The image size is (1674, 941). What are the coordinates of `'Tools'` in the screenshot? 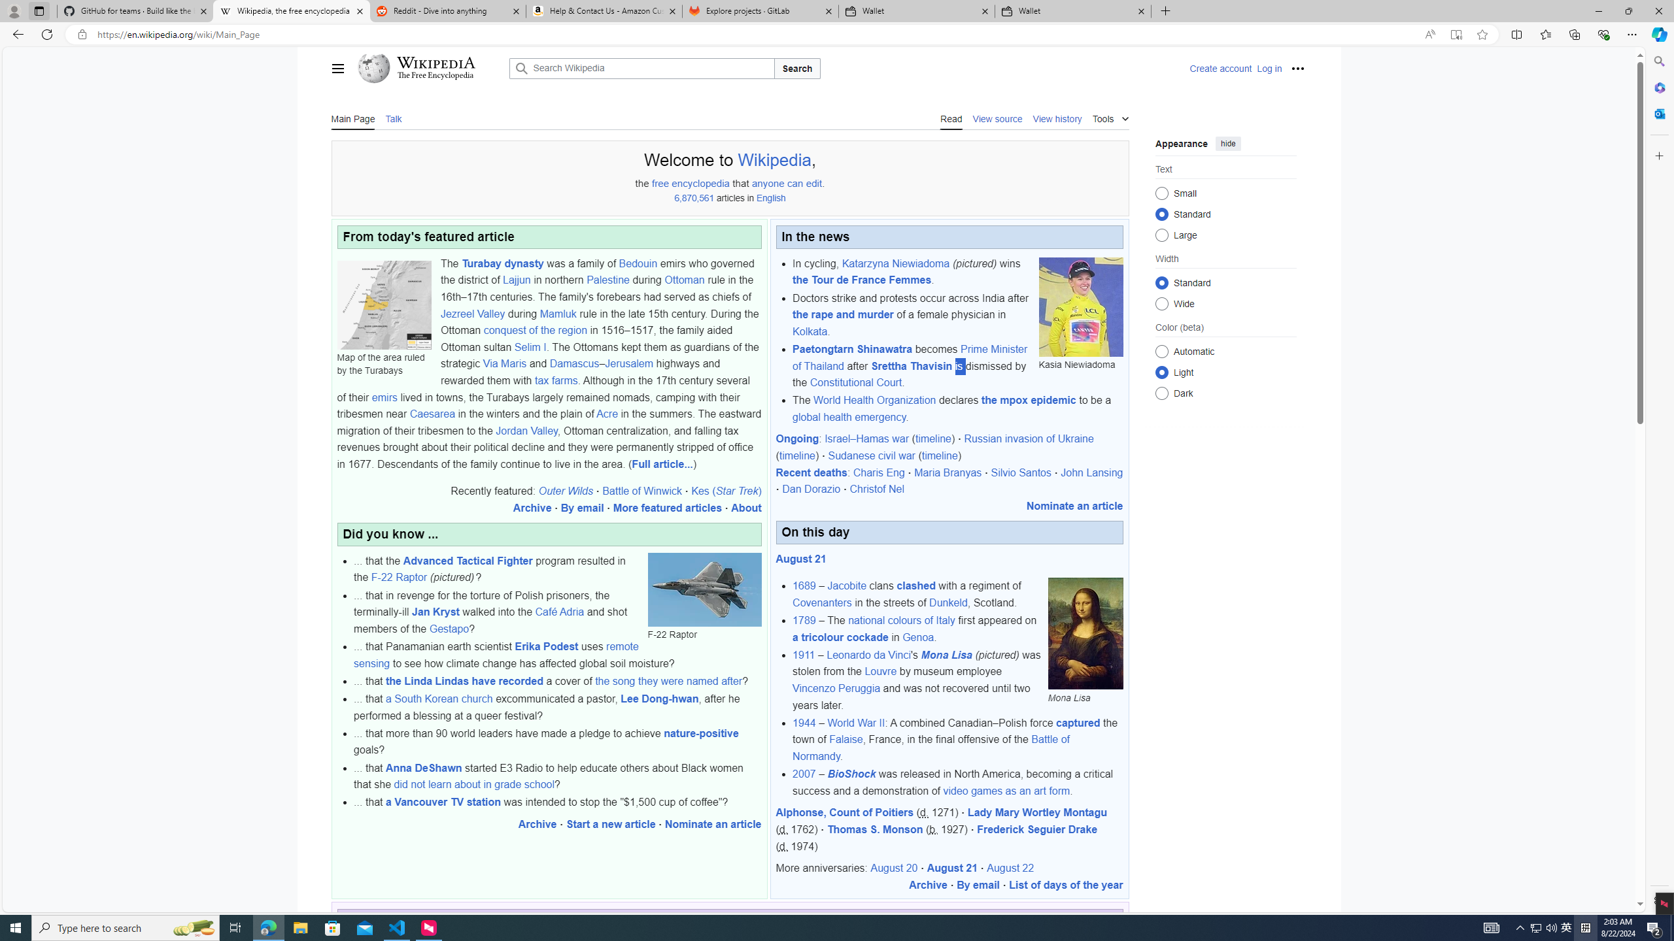 It's located at (1110, 117).